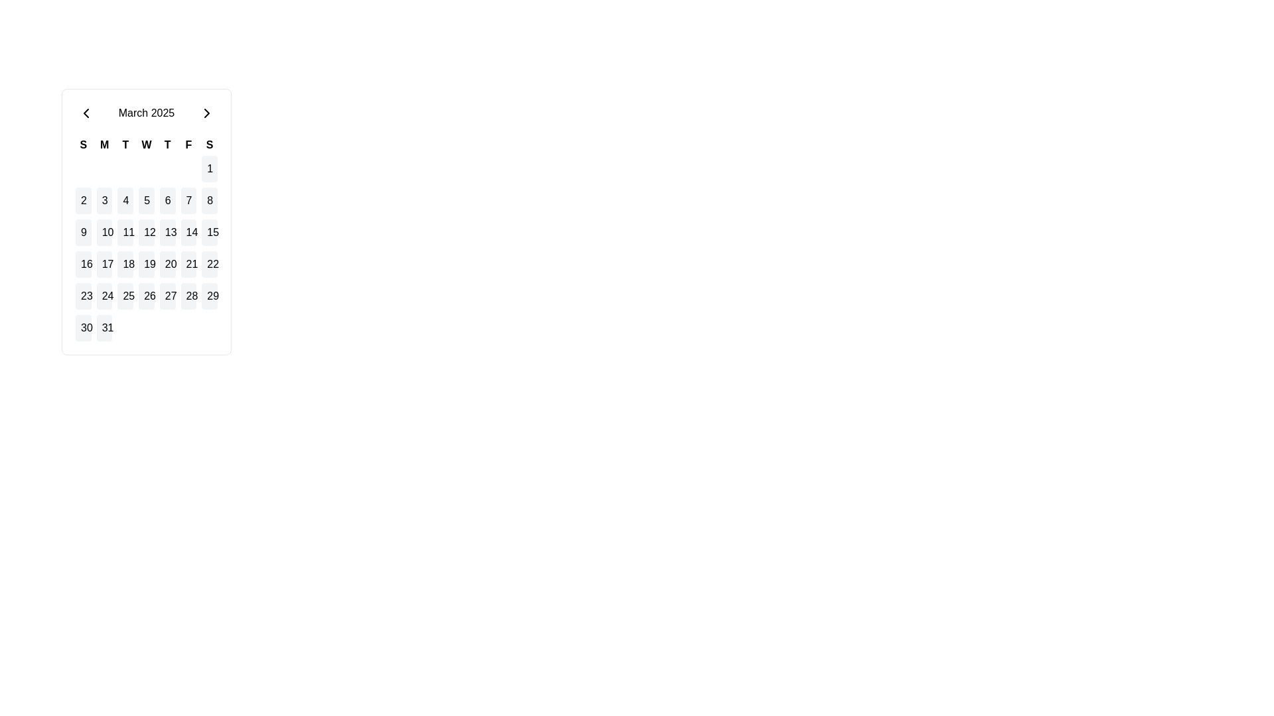  Describe the element at coordinates (167, 145) in the screenshot. I see `the bold letter 'T' in the header row of the calendar grid for March 2025` at that location.